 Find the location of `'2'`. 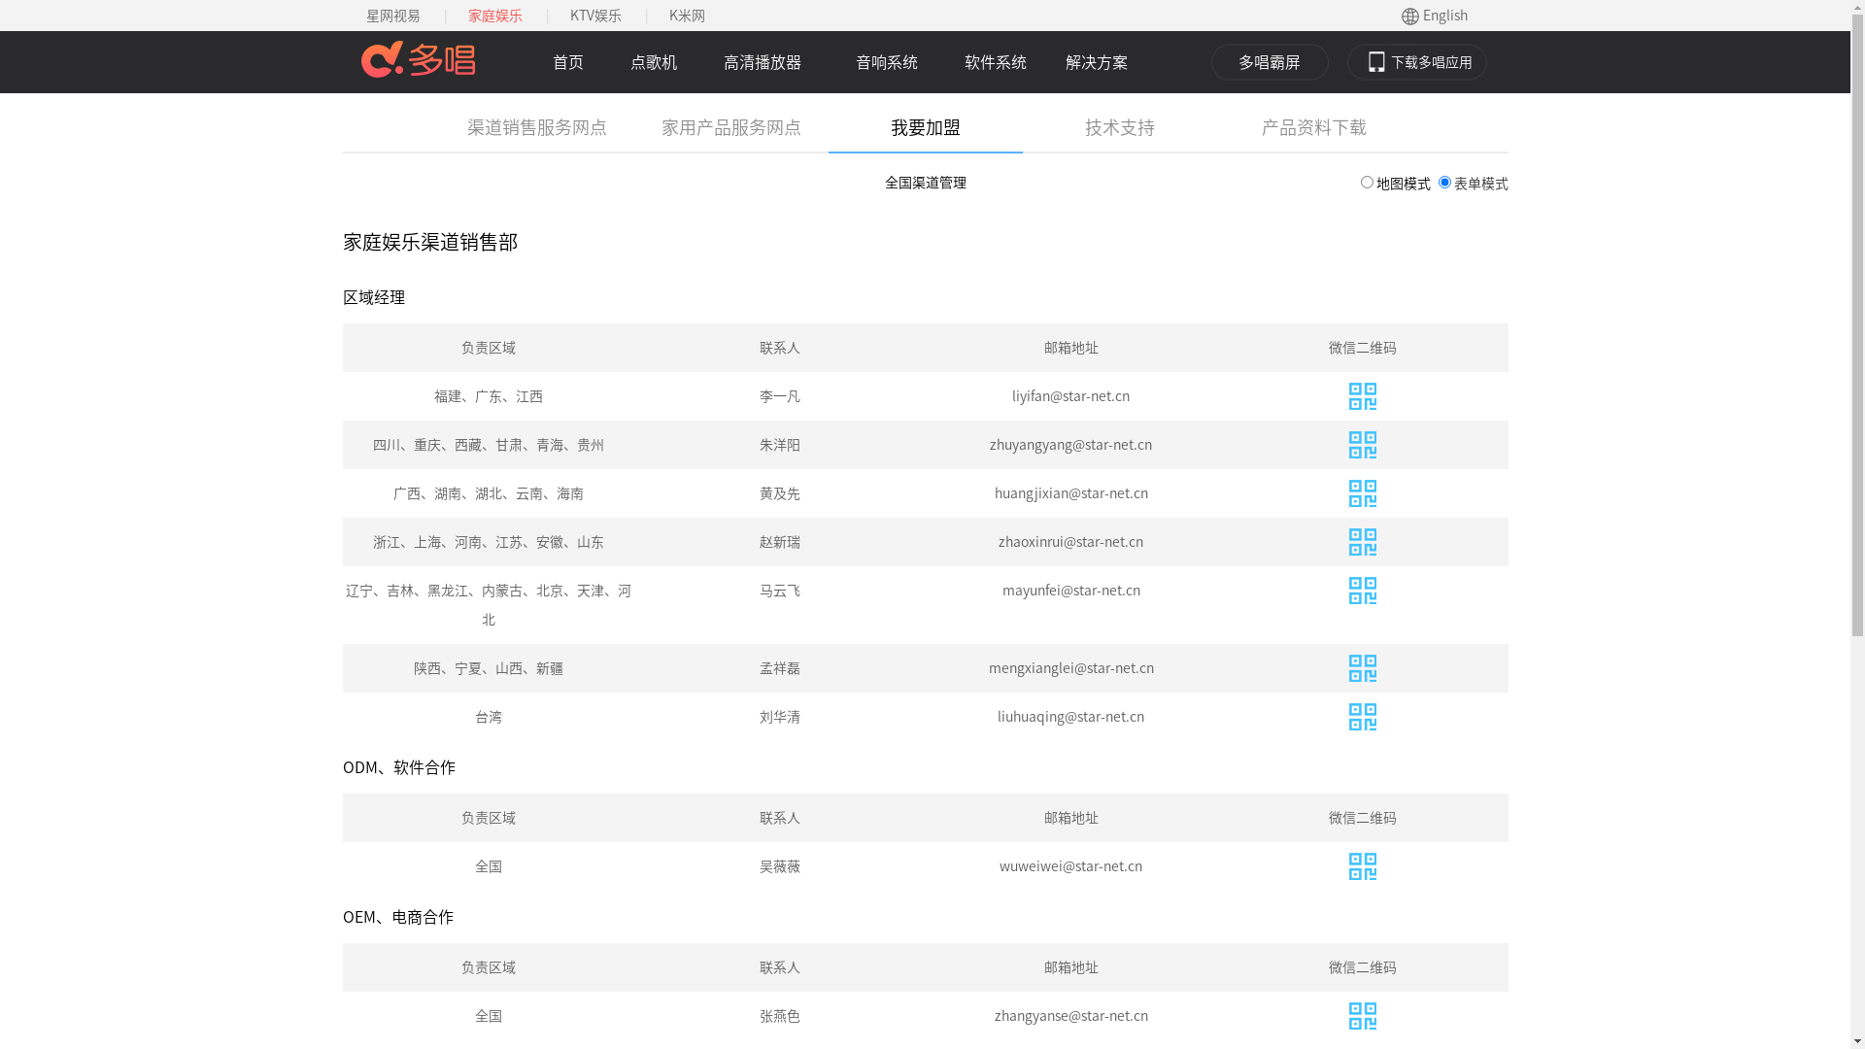

'2' is located at coordinates (1443, 182).